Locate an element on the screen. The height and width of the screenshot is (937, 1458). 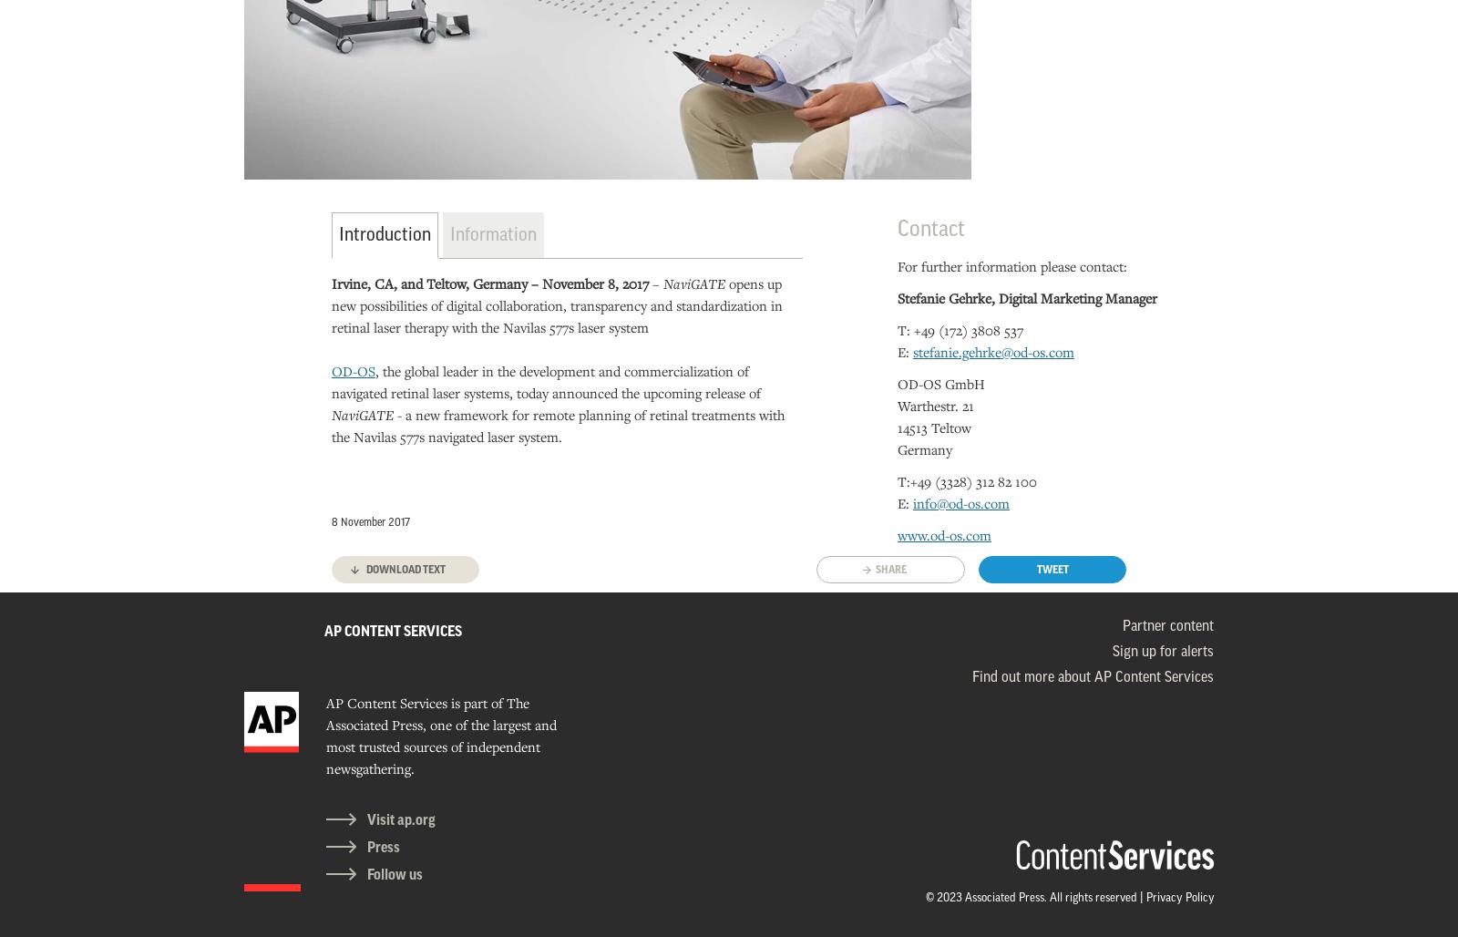
'AP Content Services is part of The Associated Press, one of the largest and most trusted sources of independent newsgathering.' is located at coordinates (439, 735).